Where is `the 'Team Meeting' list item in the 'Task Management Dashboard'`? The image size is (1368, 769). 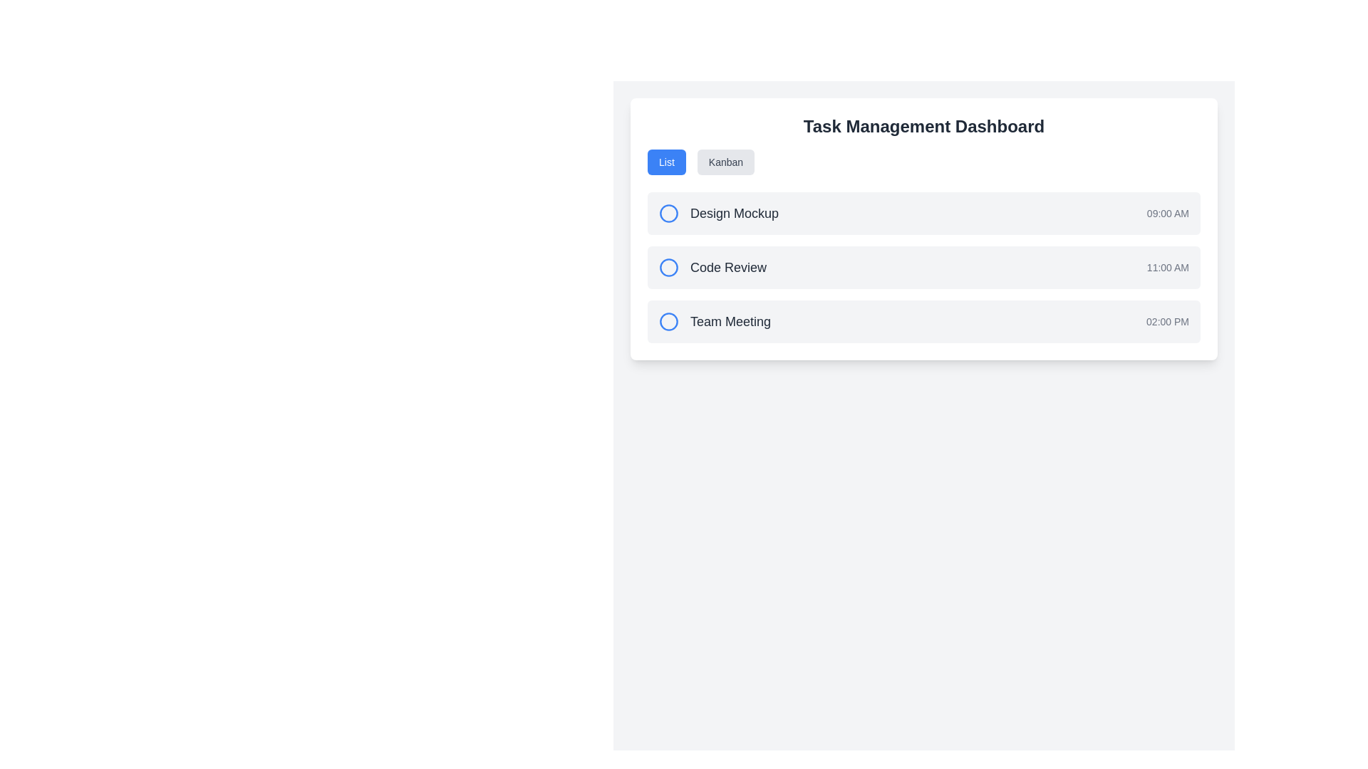 the 'Team Meeting' list item in the 'Task Management Dashboard' is located at coordinates (923, 321).